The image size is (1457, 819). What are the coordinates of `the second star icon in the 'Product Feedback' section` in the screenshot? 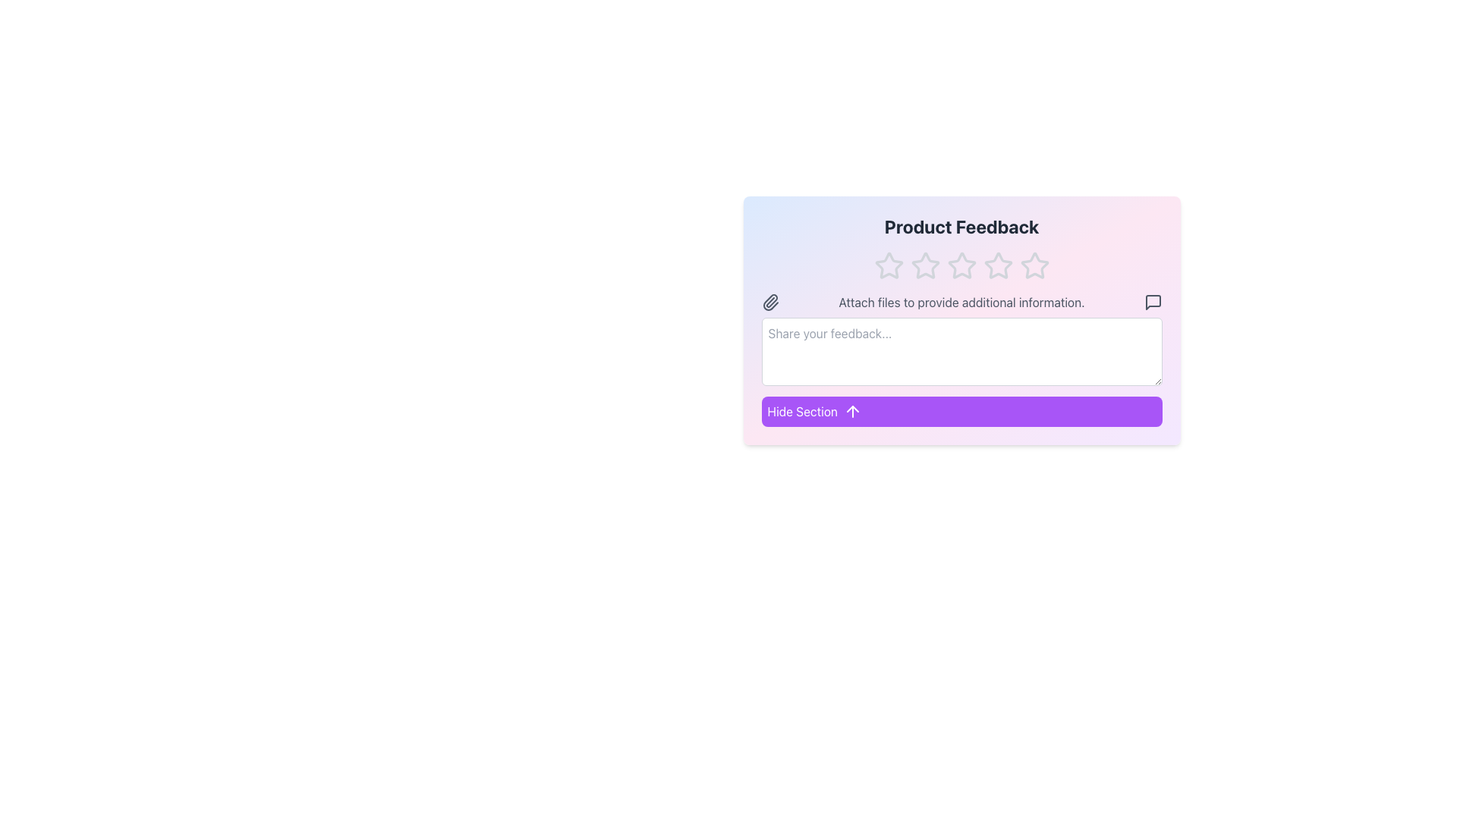 It's located at (961, 265).